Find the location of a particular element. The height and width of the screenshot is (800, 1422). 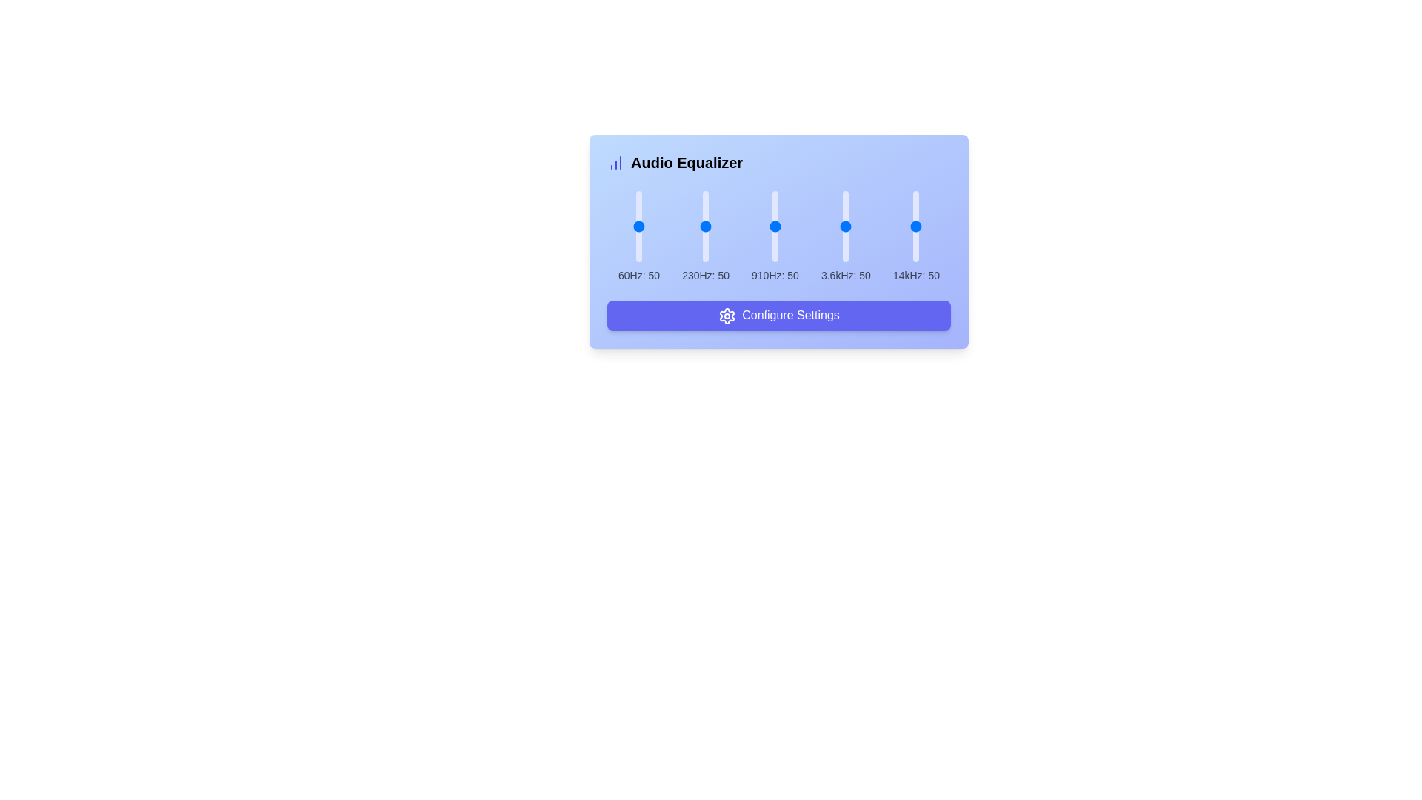

label element that serves as a heading or title for the control panel, located on the right side of a bar chart icon, to gain context about the interface is located at coordinates (686, 162).